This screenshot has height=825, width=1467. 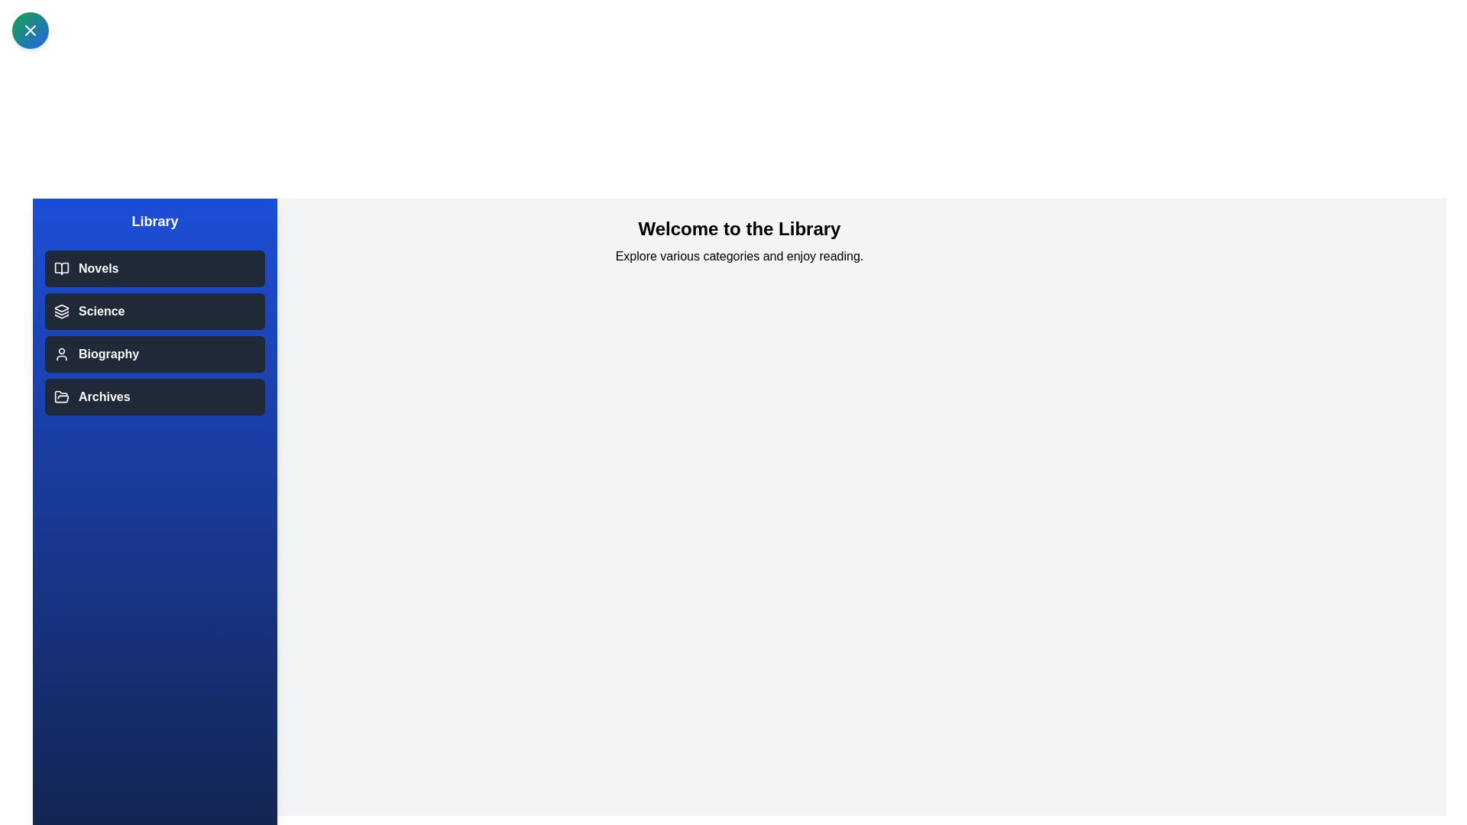 What do you see at coordinates (154, 267) in the screenshot?
I see `the category Novels in the drawer list` at bounding box center [154, 267].